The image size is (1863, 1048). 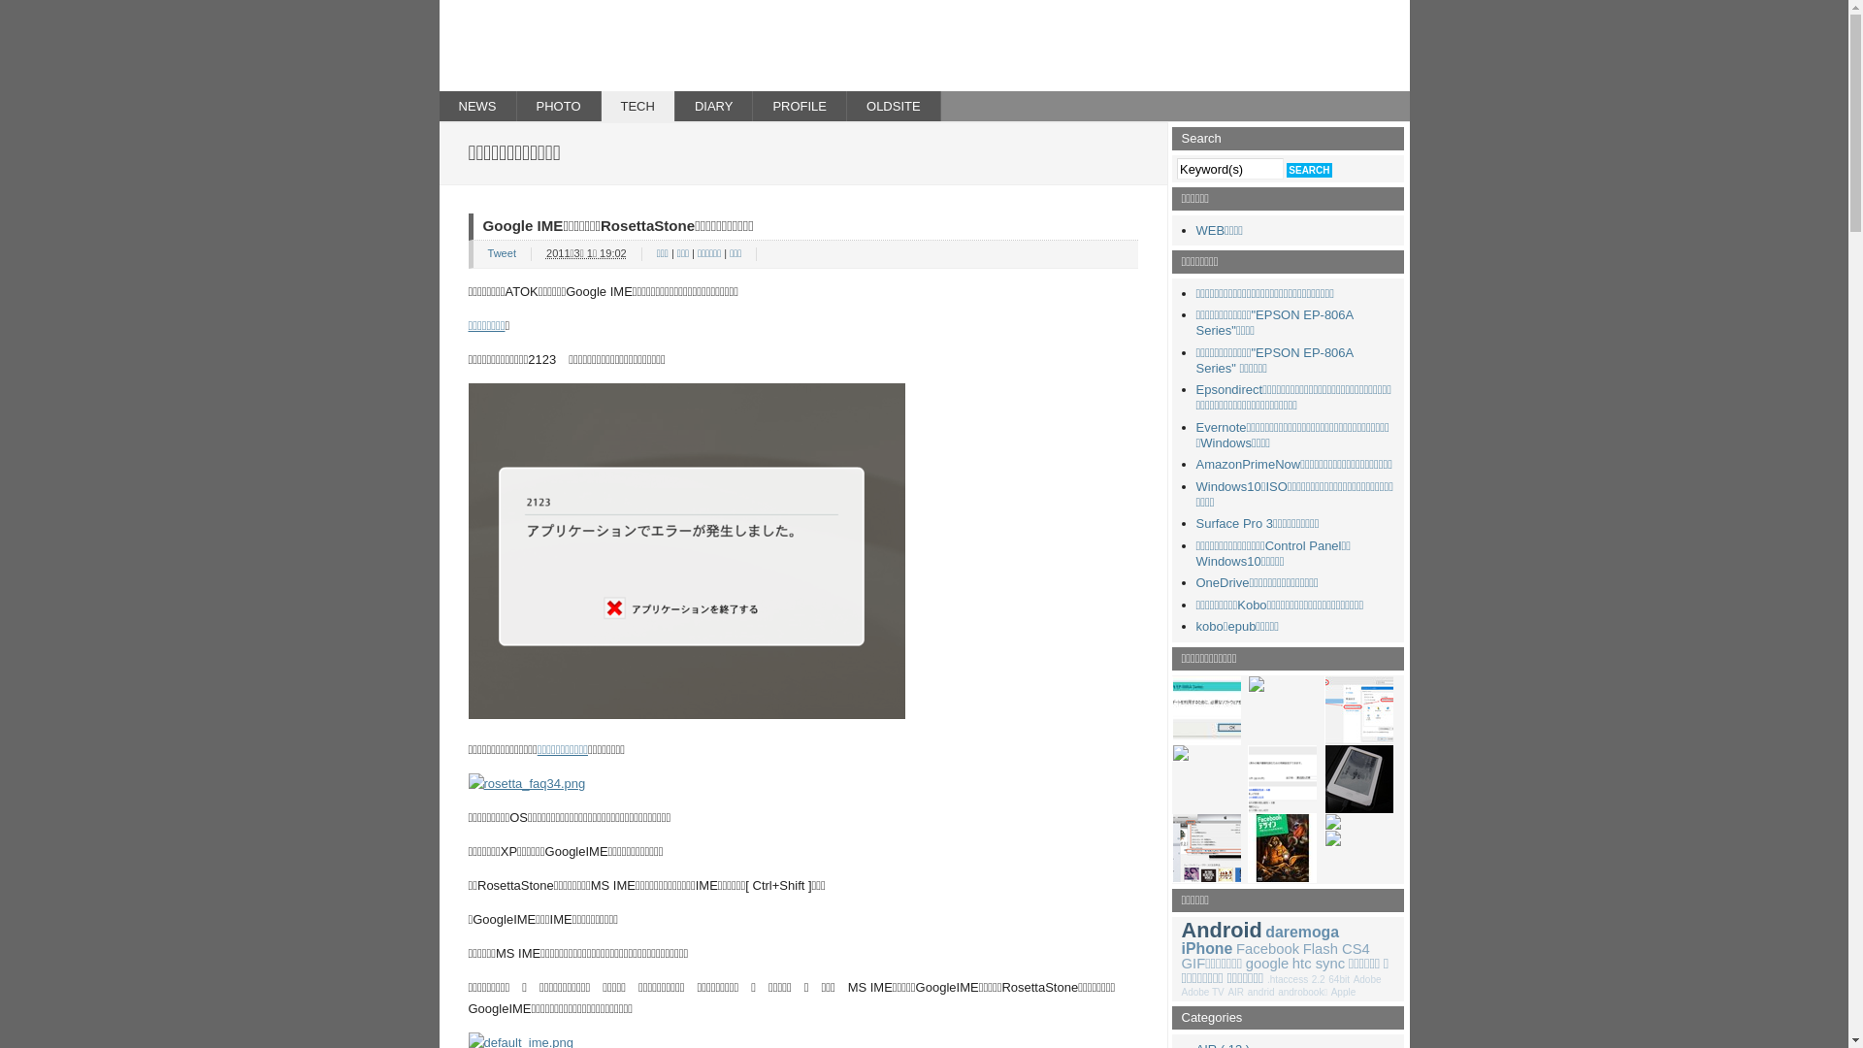 What do you see at coordinates (637, 106) in the screenshot?
I see `'TECH'` at bounding box center [637, 106].